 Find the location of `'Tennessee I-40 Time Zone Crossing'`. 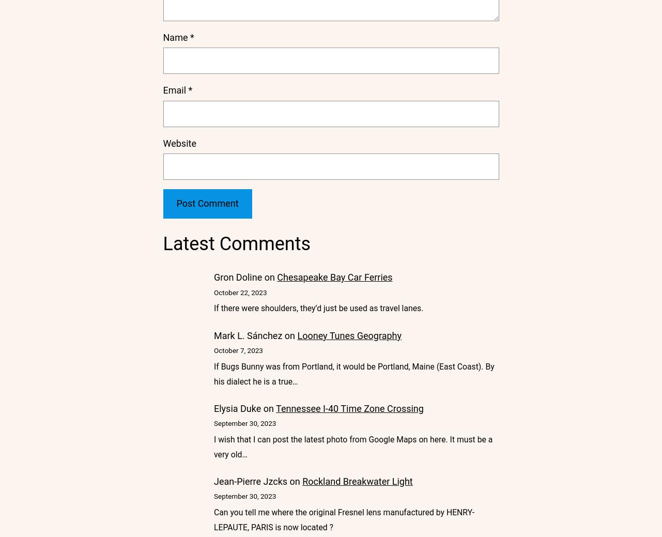

'Tennessee I-40 Time Zone Crossing' is located at coordinates (349, 407).